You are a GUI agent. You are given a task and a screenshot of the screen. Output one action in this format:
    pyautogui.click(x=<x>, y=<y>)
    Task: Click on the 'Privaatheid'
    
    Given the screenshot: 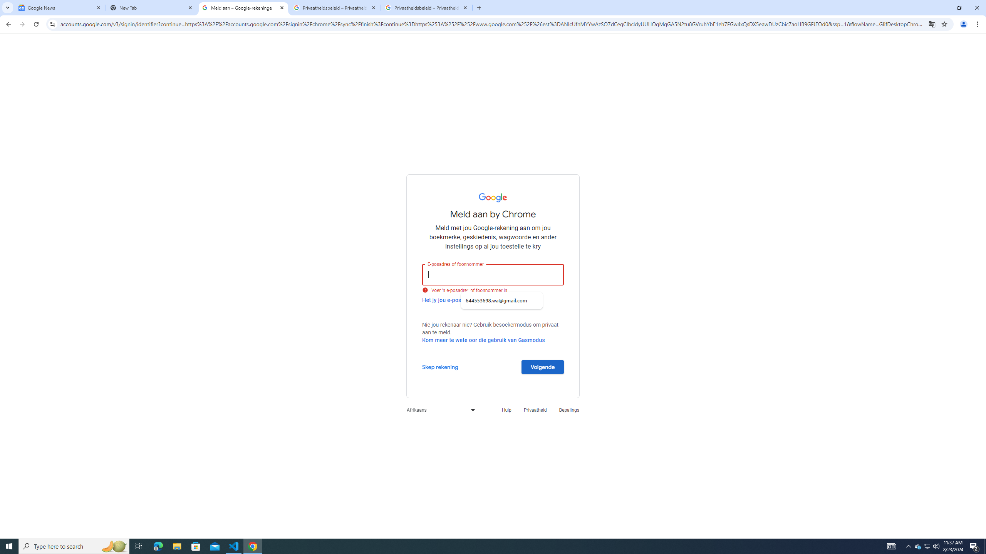 What is the action you would take?
    pyautogui.click(x=535, y=409)
    